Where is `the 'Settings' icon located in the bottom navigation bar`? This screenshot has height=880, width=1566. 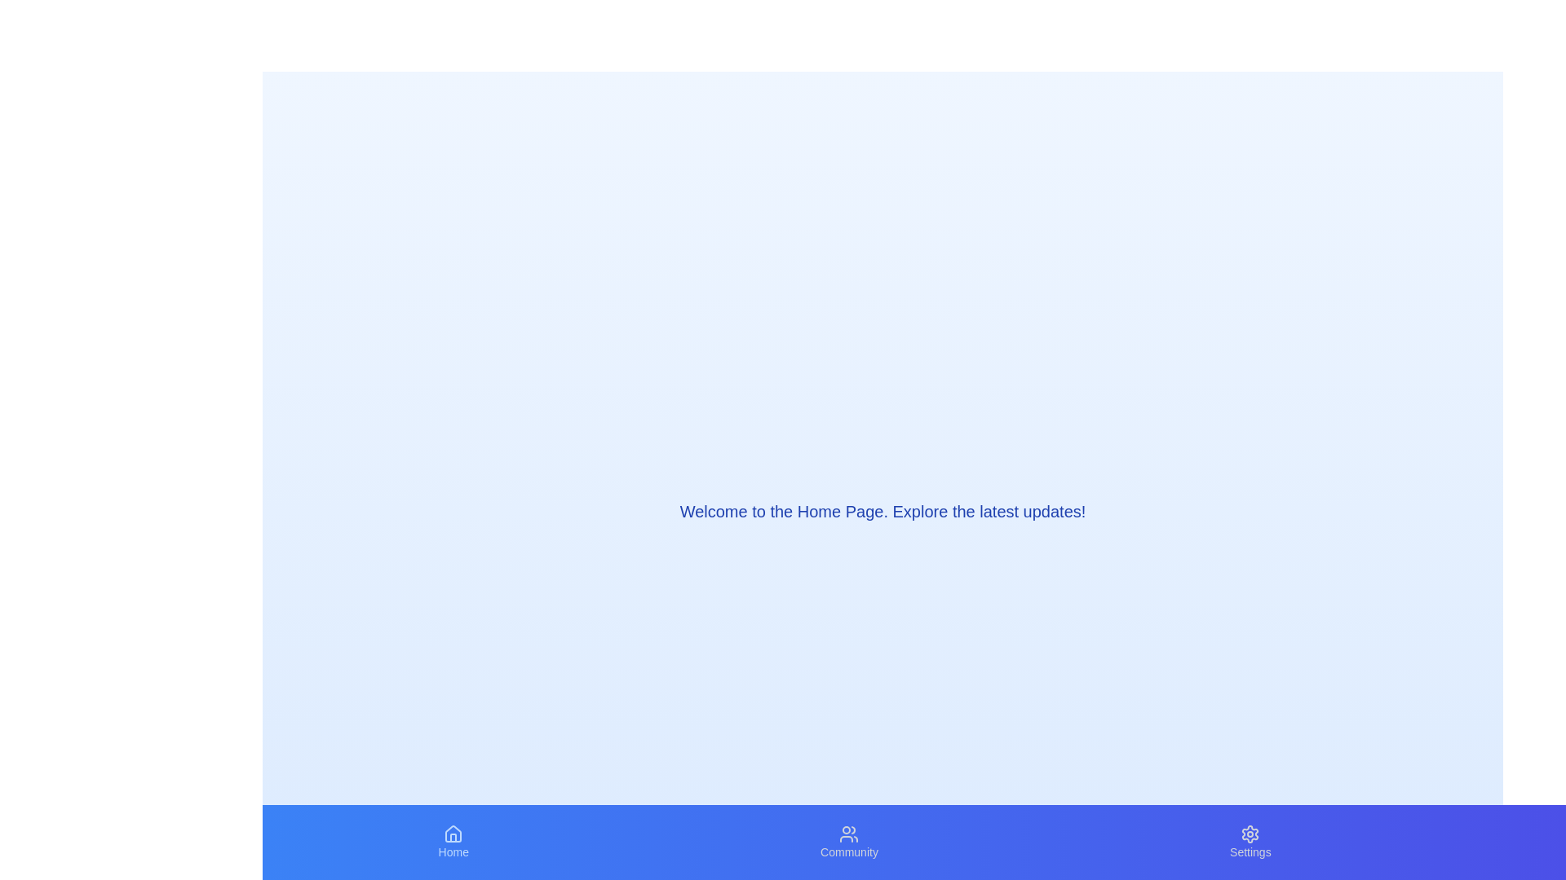 the 'Settings' icon located in the bottom navigation bar is located at coordinates (1250, 834).